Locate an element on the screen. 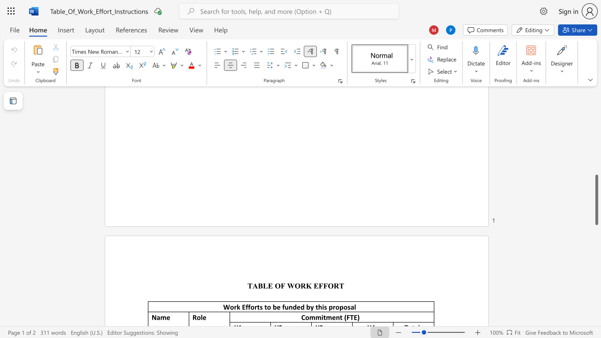 Image resolution: width=601 pixels, height=338 pixels. the side scrollbar to bring the page up is located at coordinates (596, 146).